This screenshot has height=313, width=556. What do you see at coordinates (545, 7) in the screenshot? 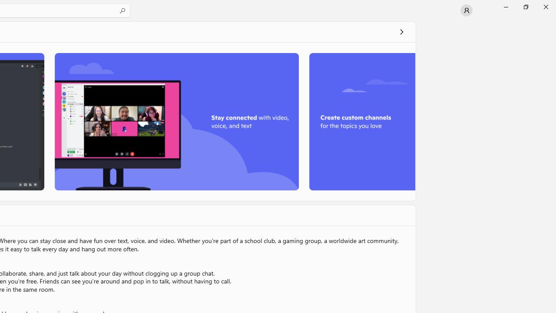
I see `'Close Microsoft Store'` at bounding box center [545, 7].